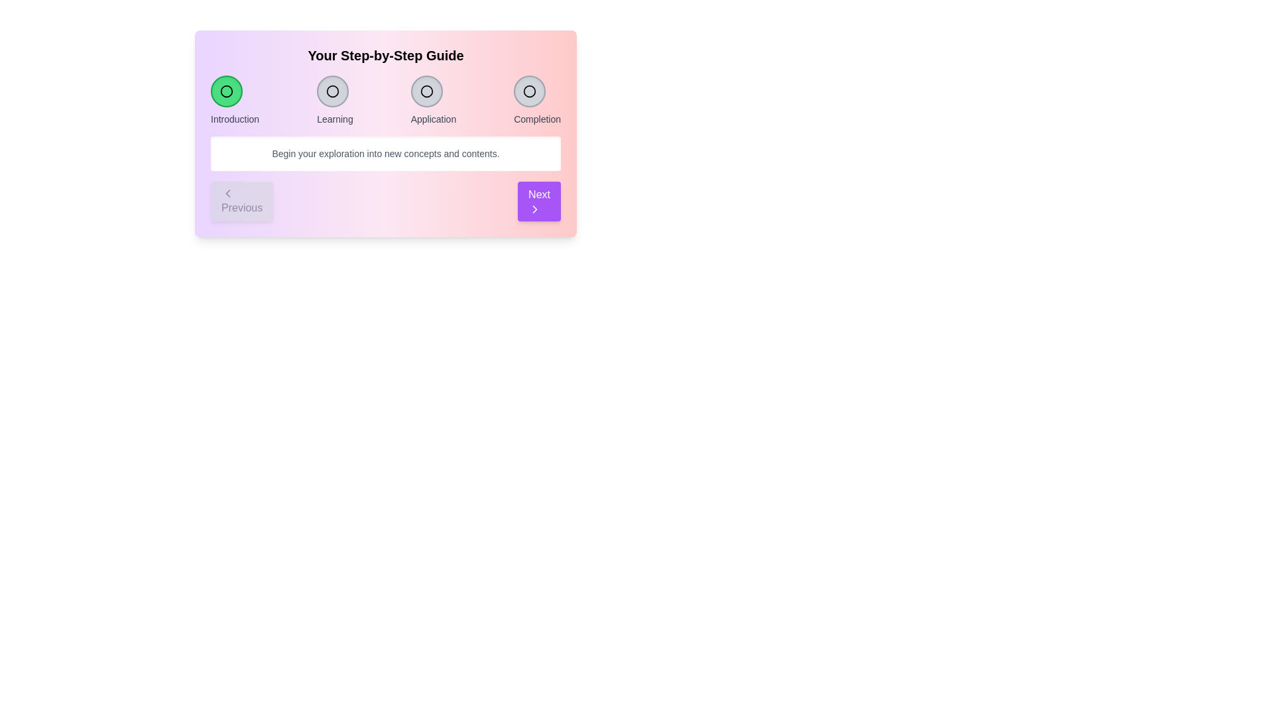 Image resolution: width=1273 pixels, height=716 pixels. Describe the element at coordinates (226, 91) in the screenshot. I see `the first circular indicator with a green background and darker green border, located above the label 'Introduction'` at that location.